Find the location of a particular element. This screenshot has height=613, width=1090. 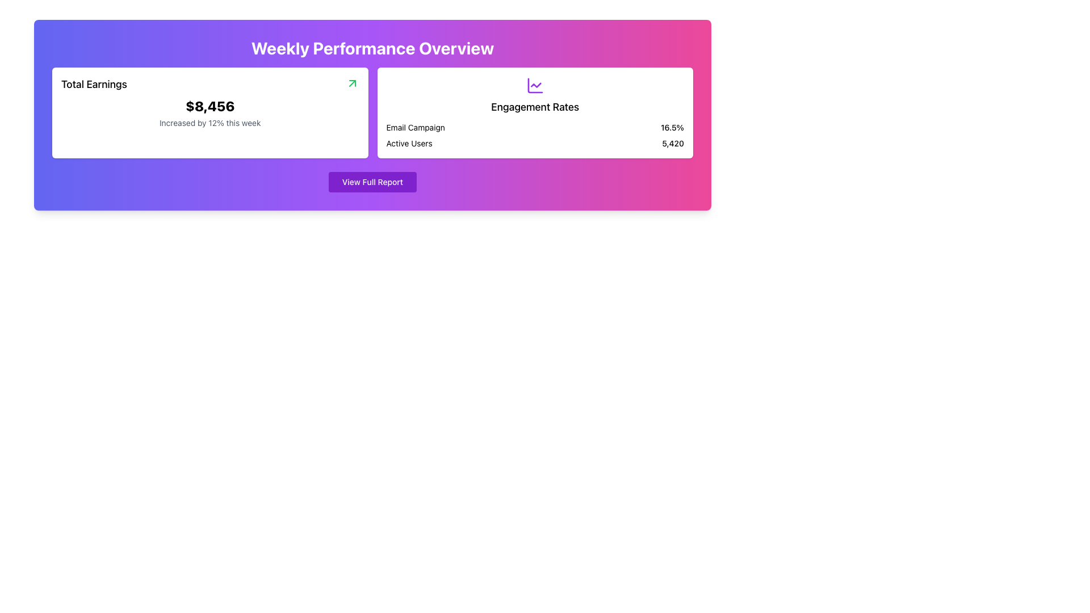

the text label displaying 'Email Campaign' located in the 'Engagement Rates' section on the right panel of the main layout is located at coordinates (415, 127).